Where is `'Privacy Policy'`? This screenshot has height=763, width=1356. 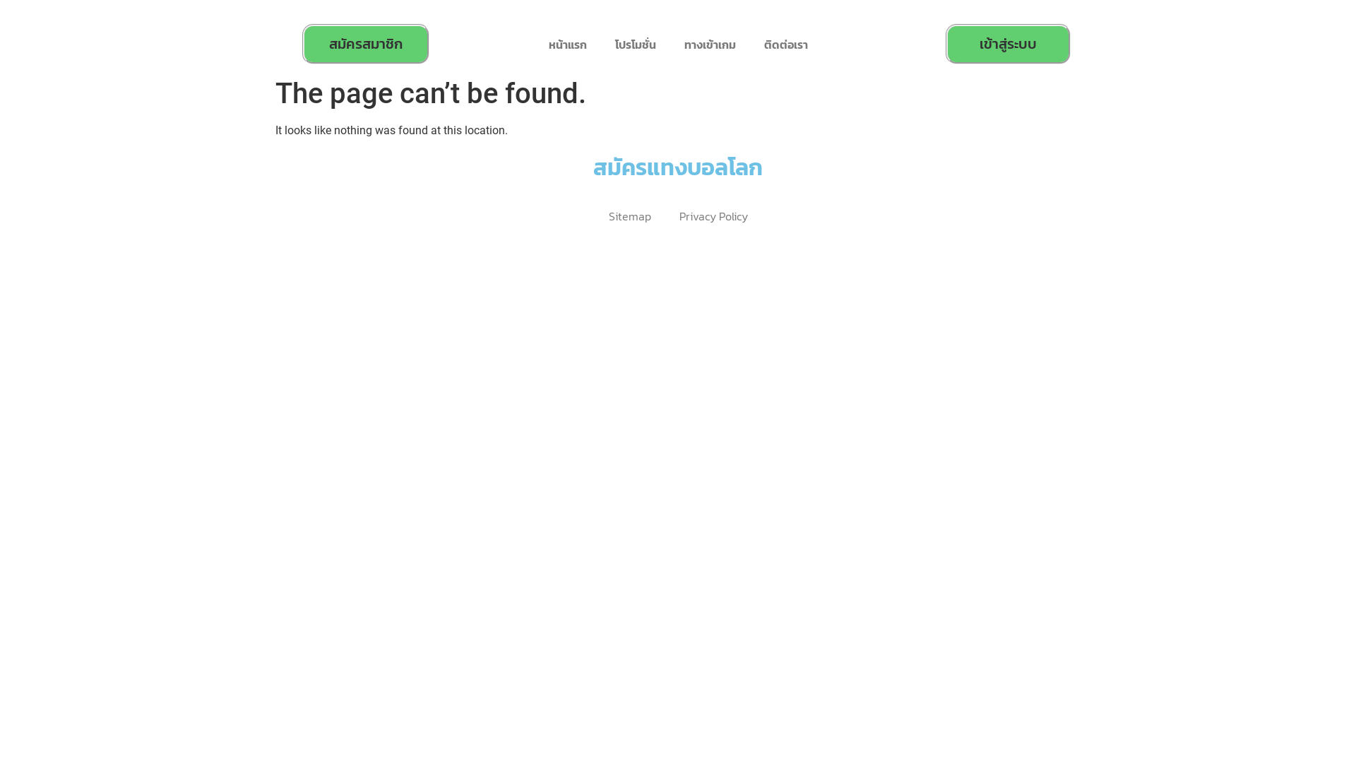 'Privacy Policy' is located at coordinates (713, 216).